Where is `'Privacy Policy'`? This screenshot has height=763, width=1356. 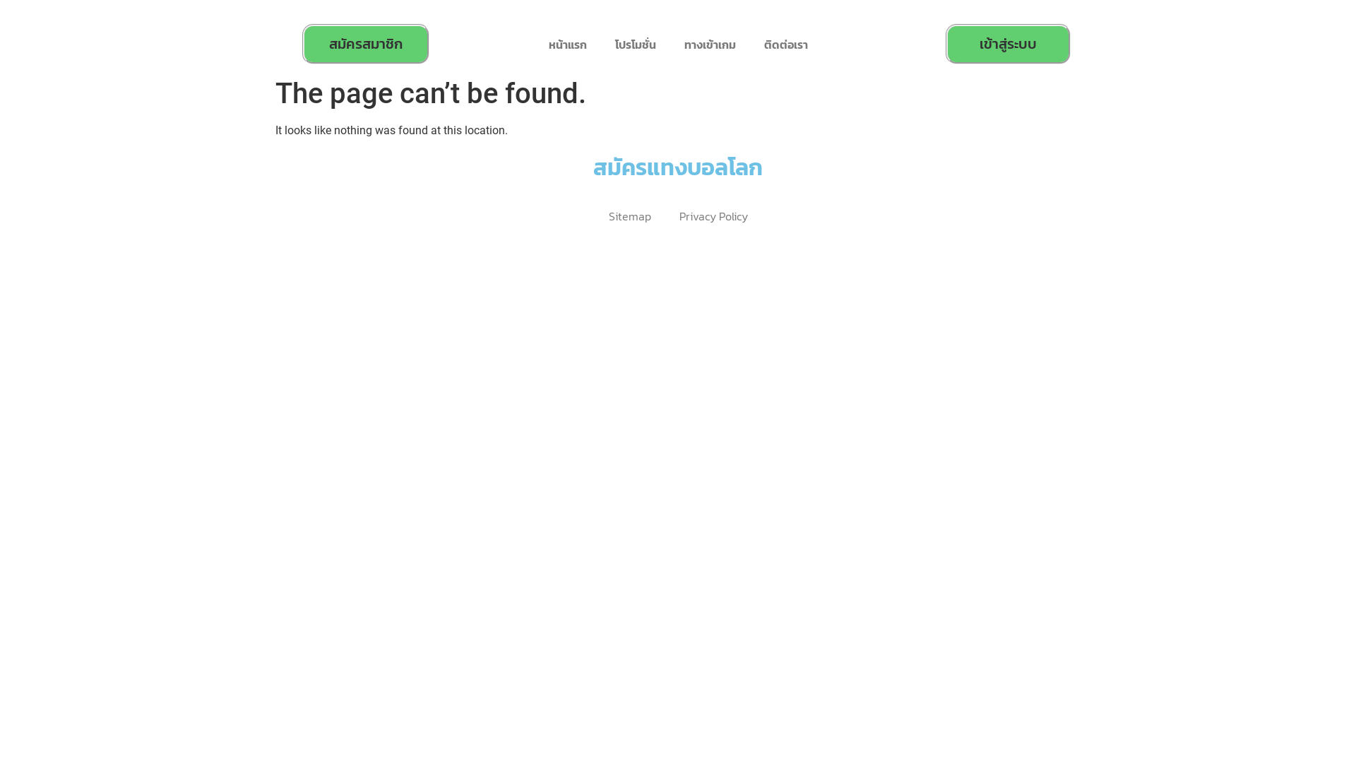 'Privacy Policy' is located at coordinates (713, 216).